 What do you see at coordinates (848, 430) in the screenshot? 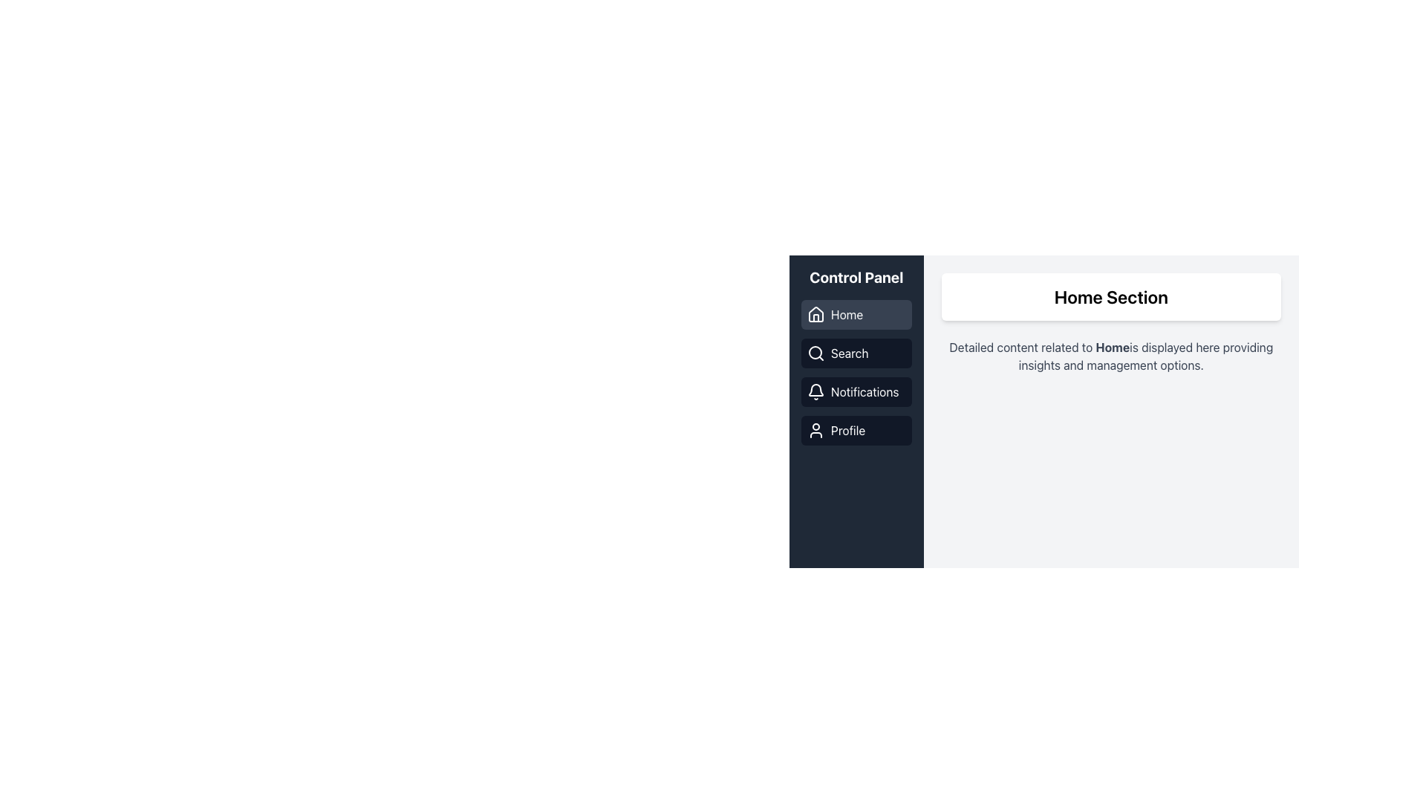
I see `text label for the 'Profile' menu option located in the sidebar navigation, immediately to the right of the user icon` at bounding box center [848, 430].